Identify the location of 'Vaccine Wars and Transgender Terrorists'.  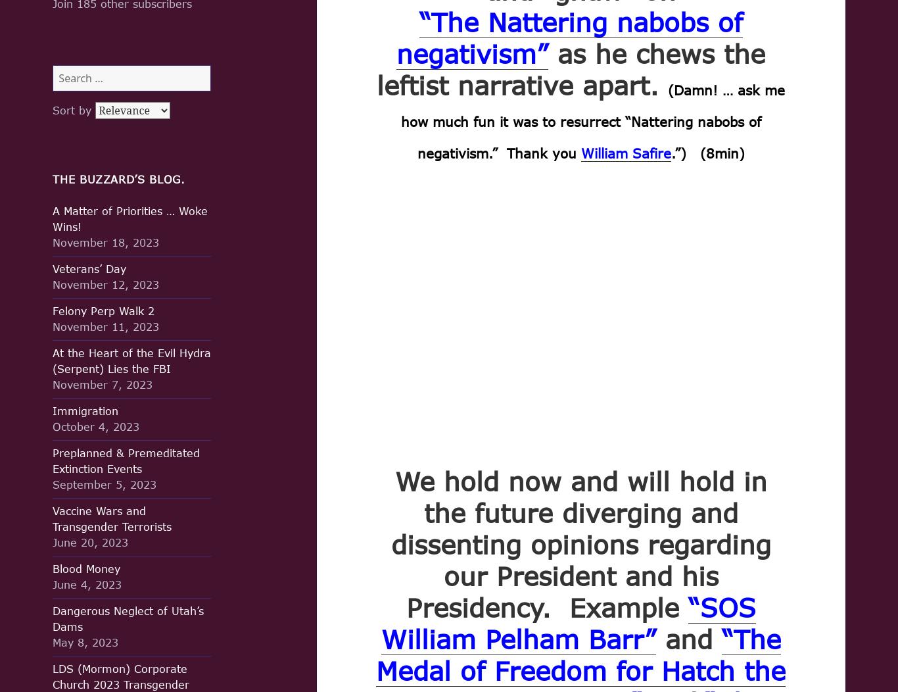
(53, 518).